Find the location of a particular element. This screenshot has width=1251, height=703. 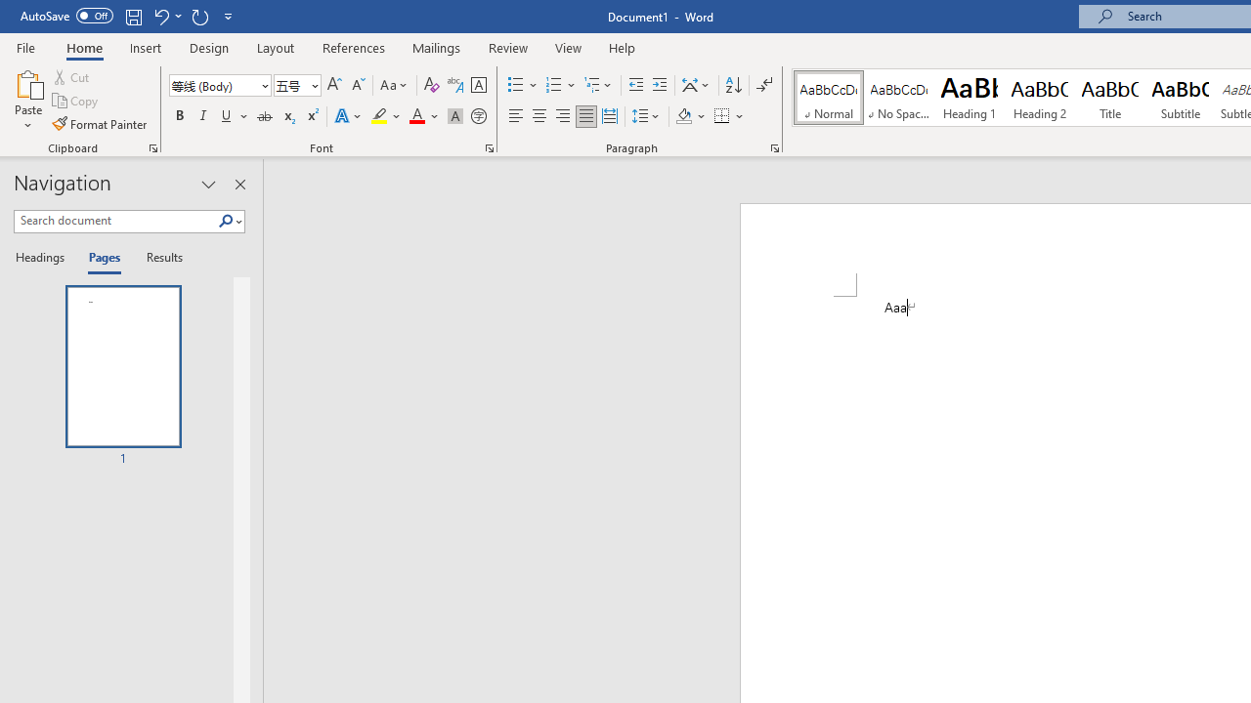

'Quick Access Toolbar' is located at coordinates (127, 16).